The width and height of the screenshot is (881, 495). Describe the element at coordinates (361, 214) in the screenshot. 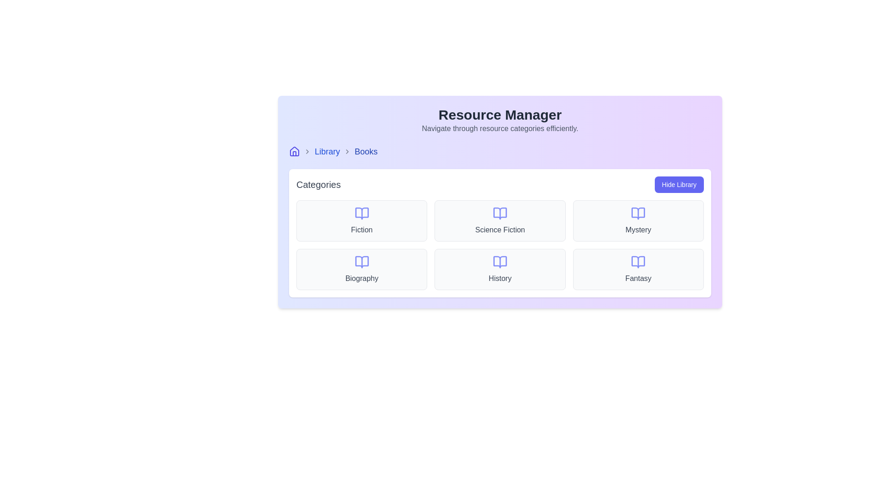

I see `the open book icon located above the 'Fiction' label in the top-left category tile of the grid` at that location.